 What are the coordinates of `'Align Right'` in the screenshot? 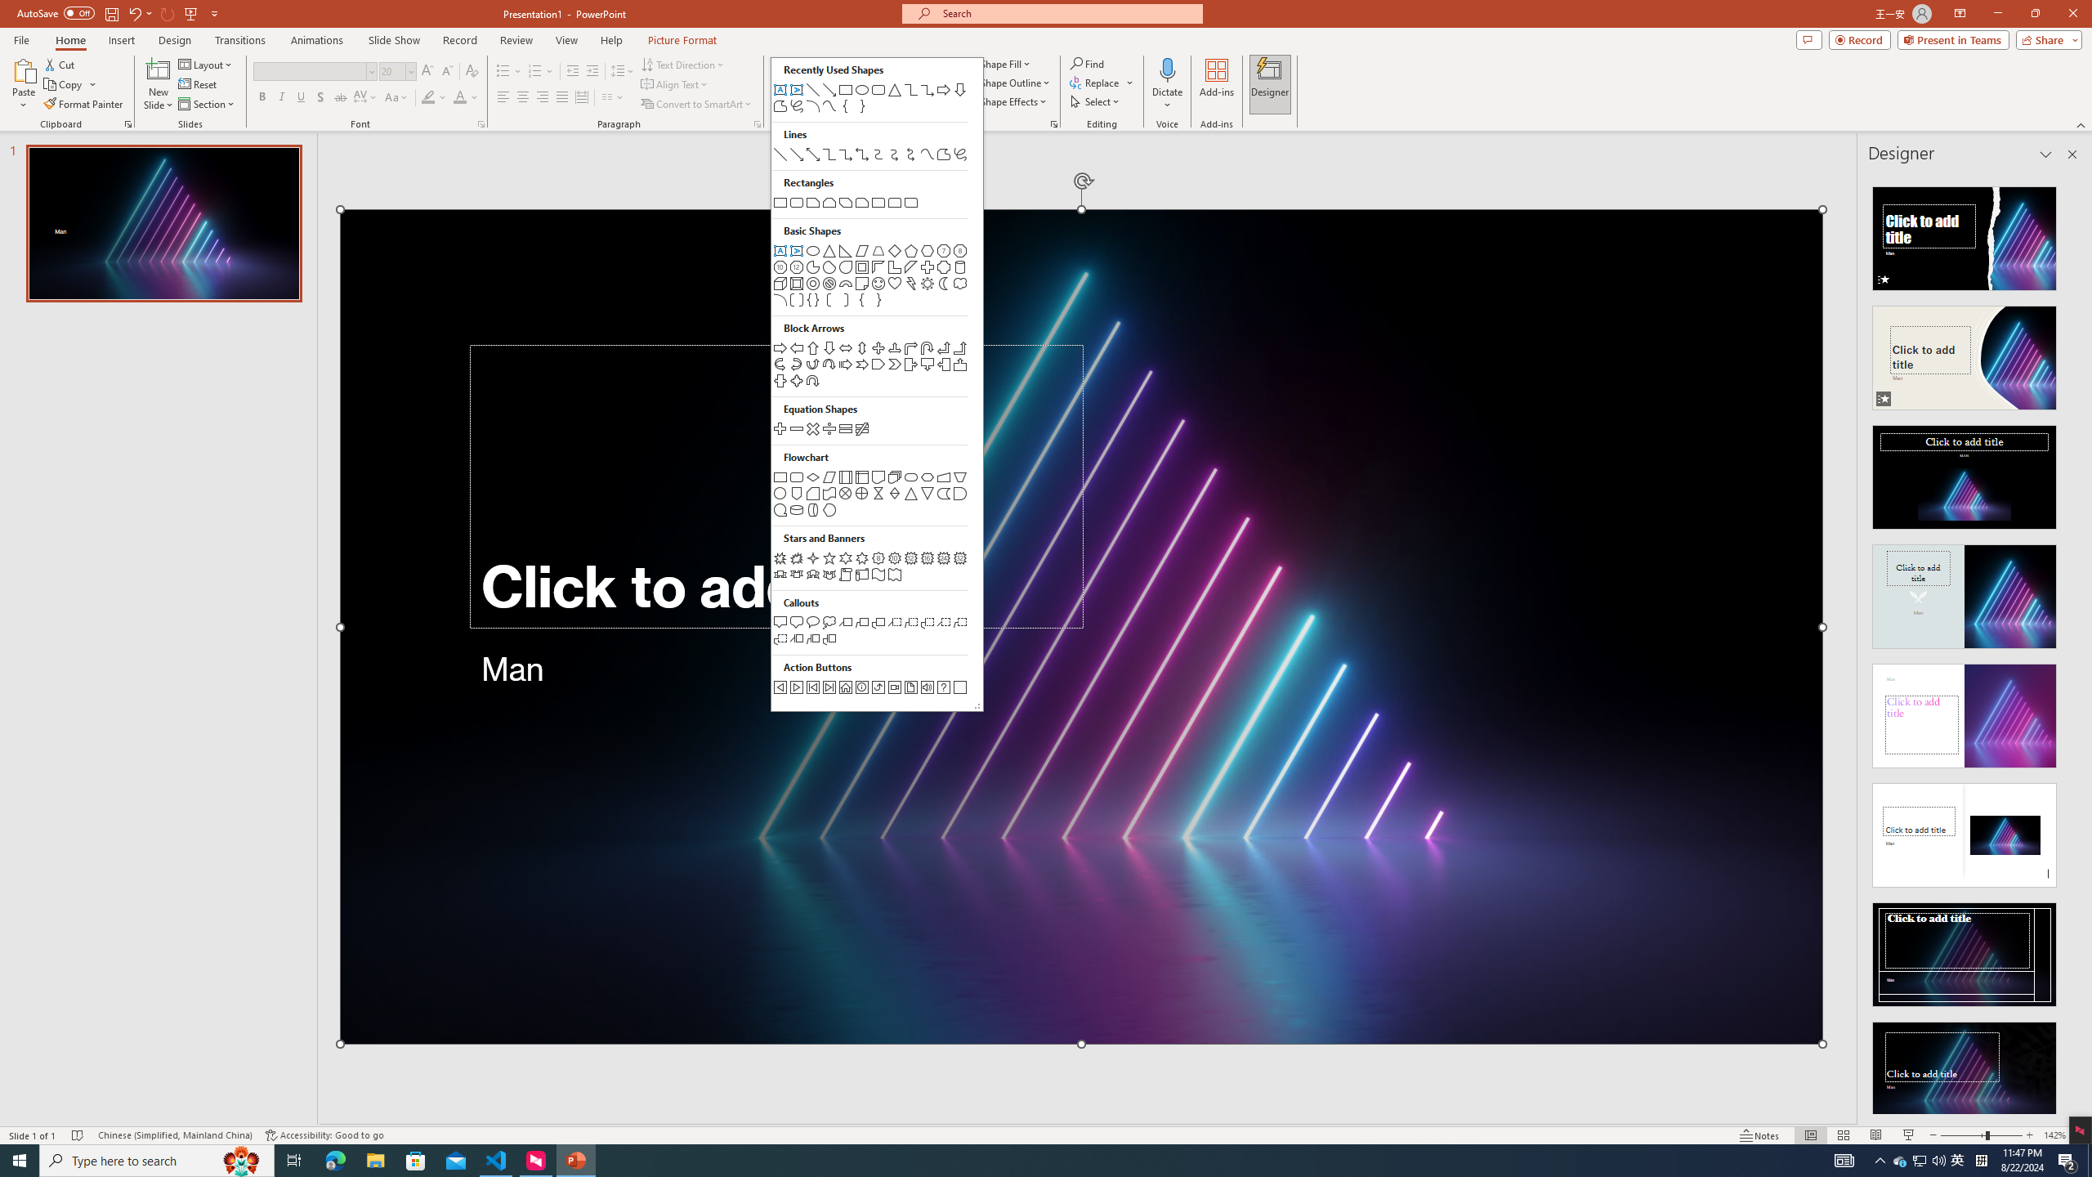 It's located at (543, 96).